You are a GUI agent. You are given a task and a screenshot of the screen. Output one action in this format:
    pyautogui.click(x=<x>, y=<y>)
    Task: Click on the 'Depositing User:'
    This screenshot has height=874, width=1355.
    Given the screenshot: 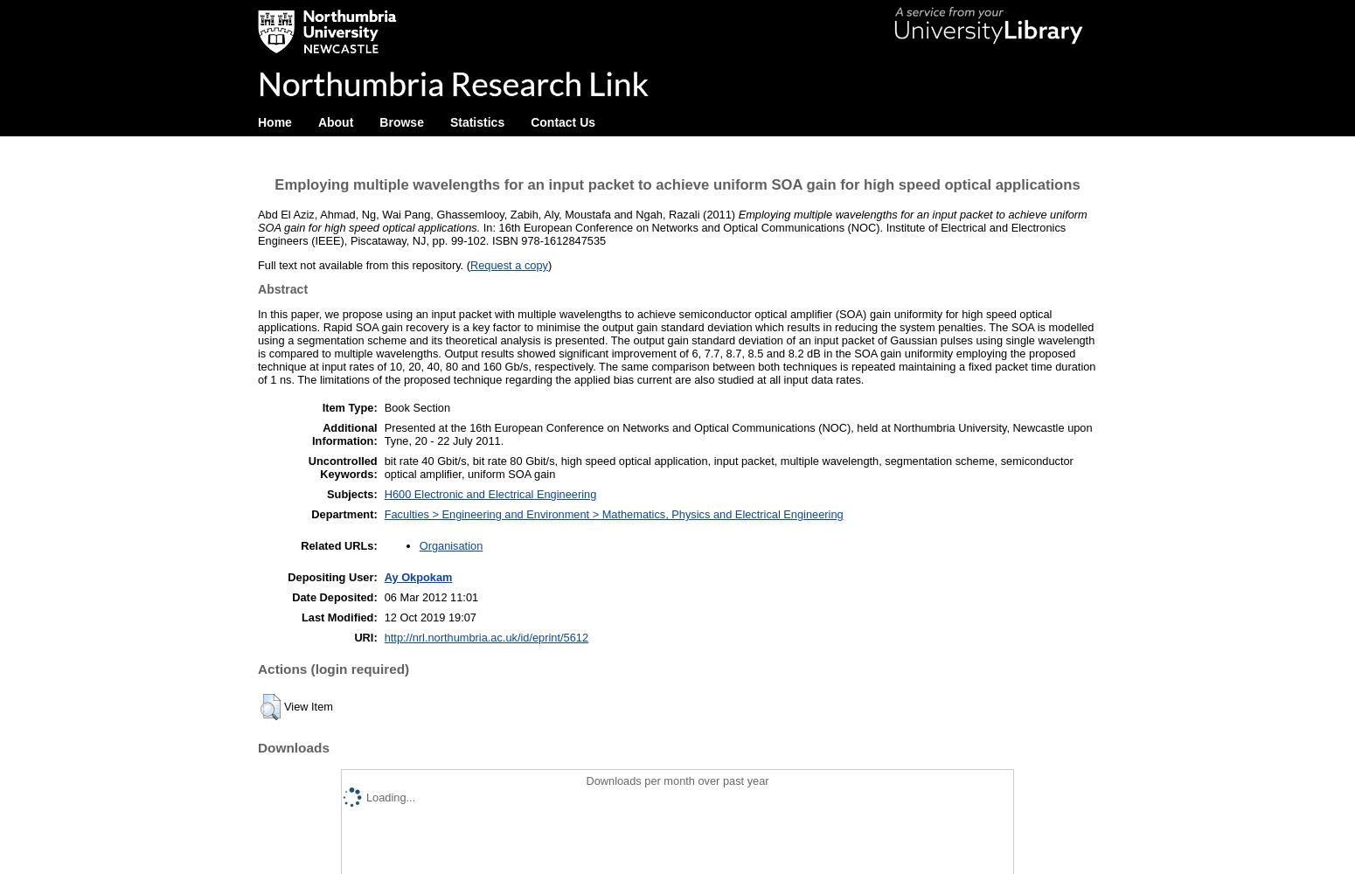 What is the action you would take?
    pyautogui.click(x=331, y=576)
    